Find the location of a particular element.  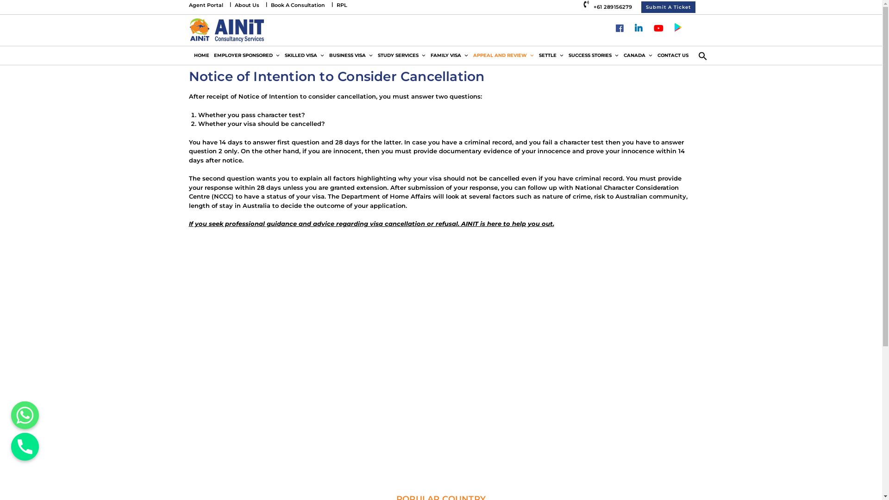

'HOME' is located at coordinates (201, 55).